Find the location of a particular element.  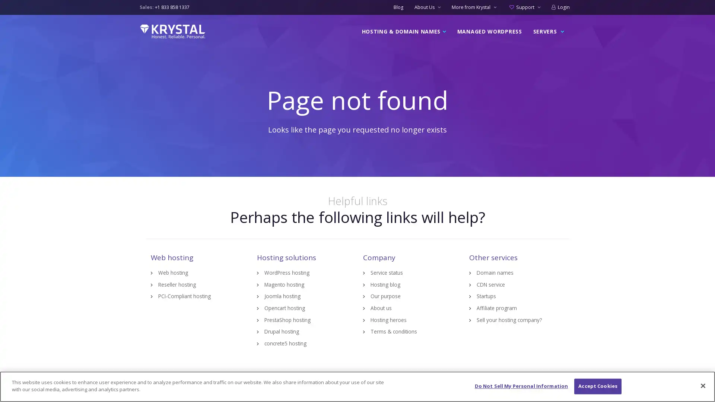

Accept Cookies is located at coordinates (598, 386).